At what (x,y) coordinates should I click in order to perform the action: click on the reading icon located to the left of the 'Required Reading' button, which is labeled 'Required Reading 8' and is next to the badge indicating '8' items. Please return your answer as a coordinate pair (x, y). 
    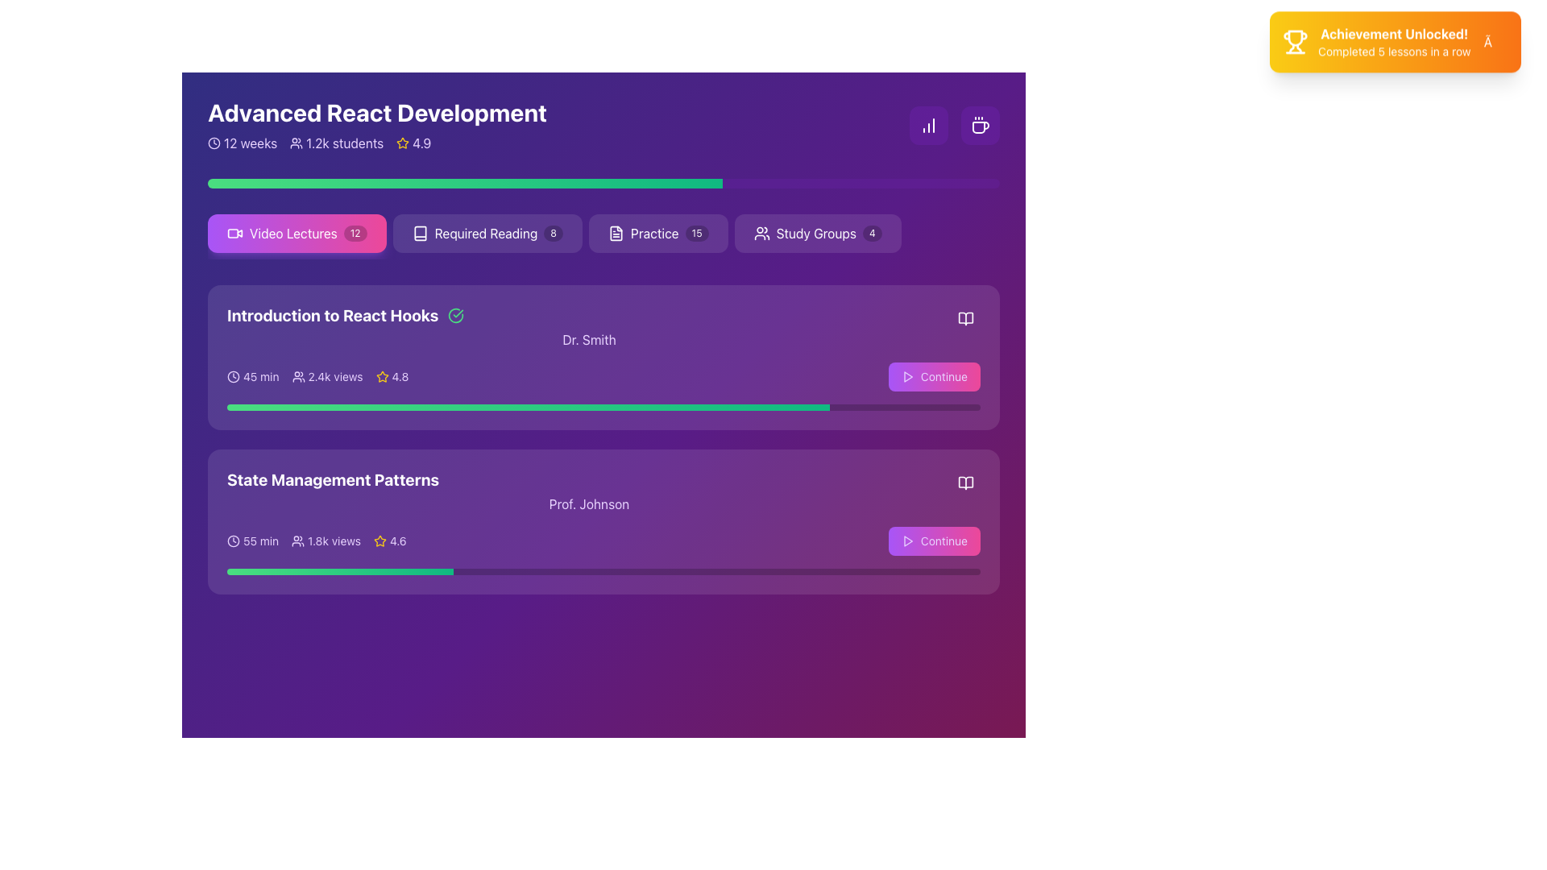
    Looking at the image, I should click on (420, 233).